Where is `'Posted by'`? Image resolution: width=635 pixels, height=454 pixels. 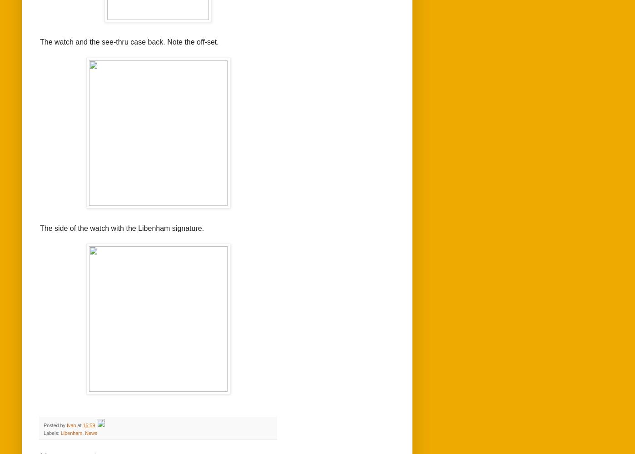 'Posted by' is located at coordinates (55, 424).